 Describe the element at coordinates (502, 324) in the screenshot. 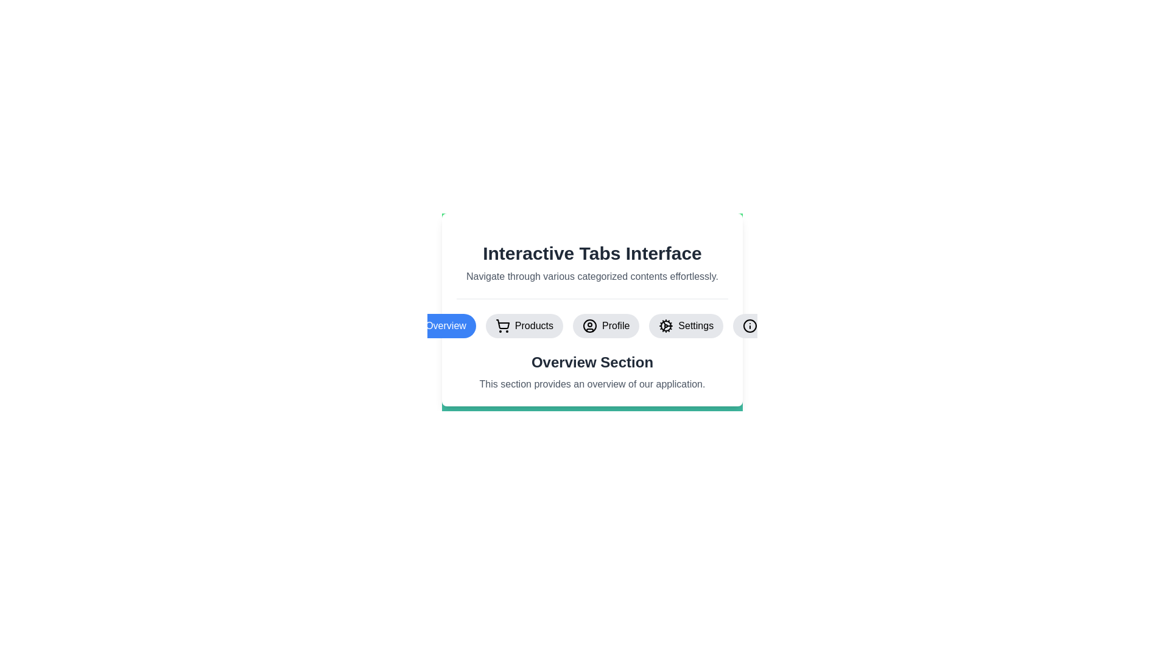

I see `the centrally positioned shopping cart icon` at that location.